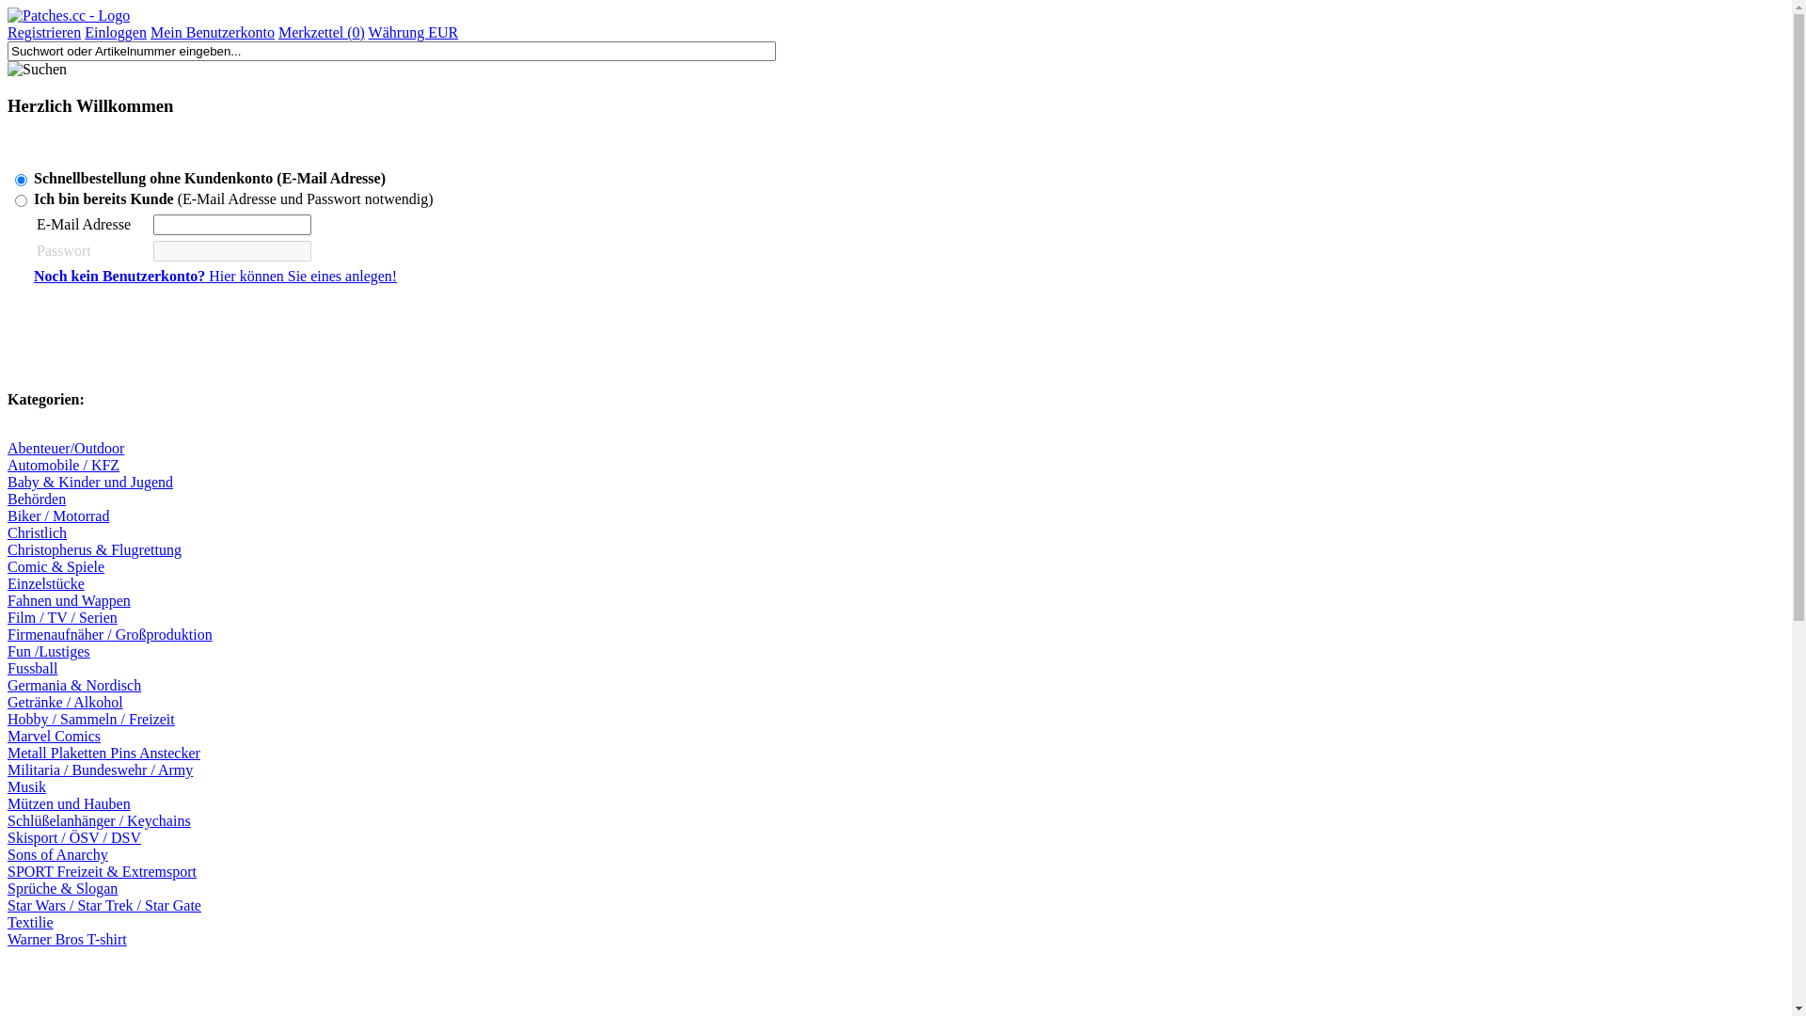 The height and width of the screenshot is (1016, 1806). What do you see at coordinates (67, 939) in the screenshot?
I see `'Warner Bros T-shirt'` at bounding box center [67, 939].